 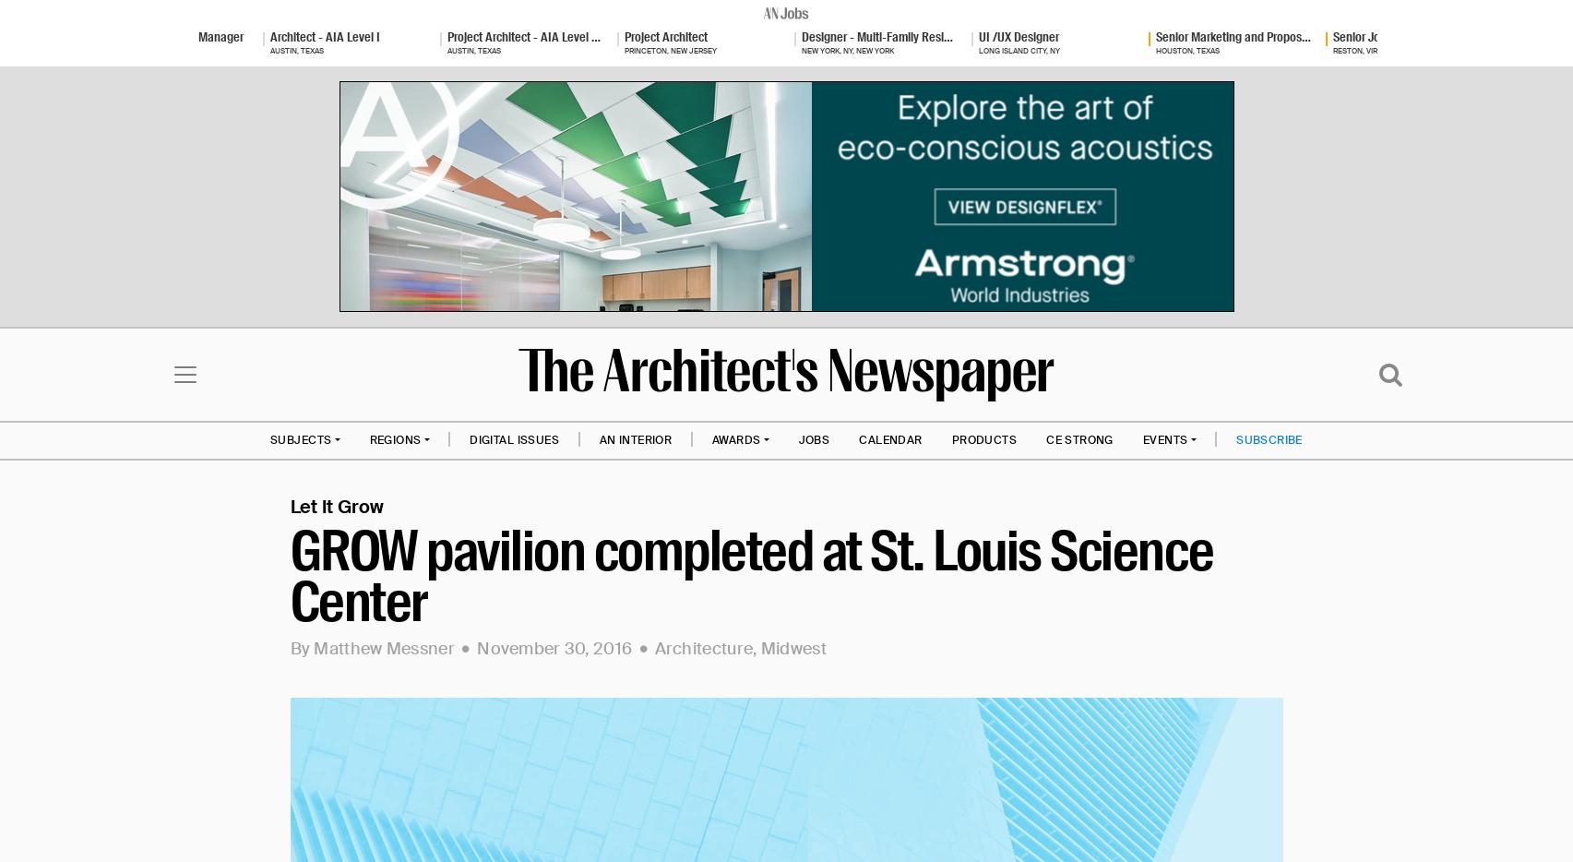 What do you see at coordinates (393, 437) in the screenshot?
I see `'REGIONS'` at bounding box center [393, 437].